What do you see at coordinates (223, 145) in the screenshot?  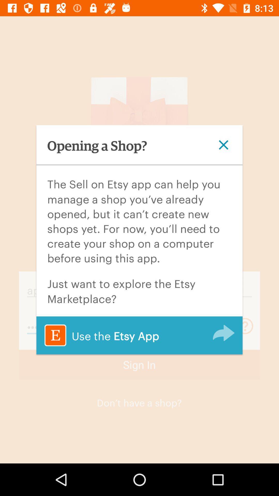 I see `icon next to the opening a shop?` at bounding box center [223, 145].